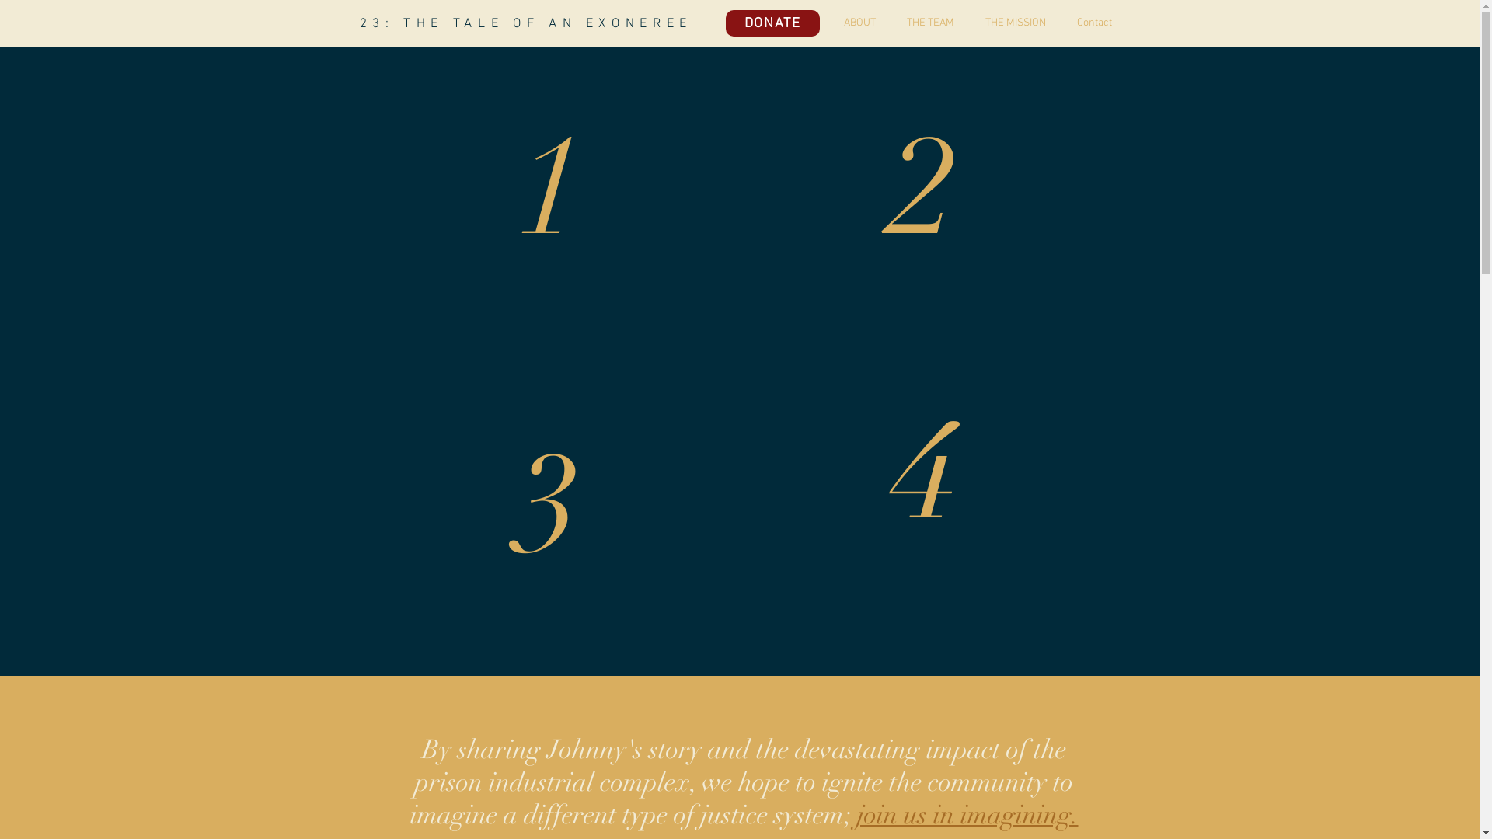  I want to click on 'THE TEAM', so click(922, 23).